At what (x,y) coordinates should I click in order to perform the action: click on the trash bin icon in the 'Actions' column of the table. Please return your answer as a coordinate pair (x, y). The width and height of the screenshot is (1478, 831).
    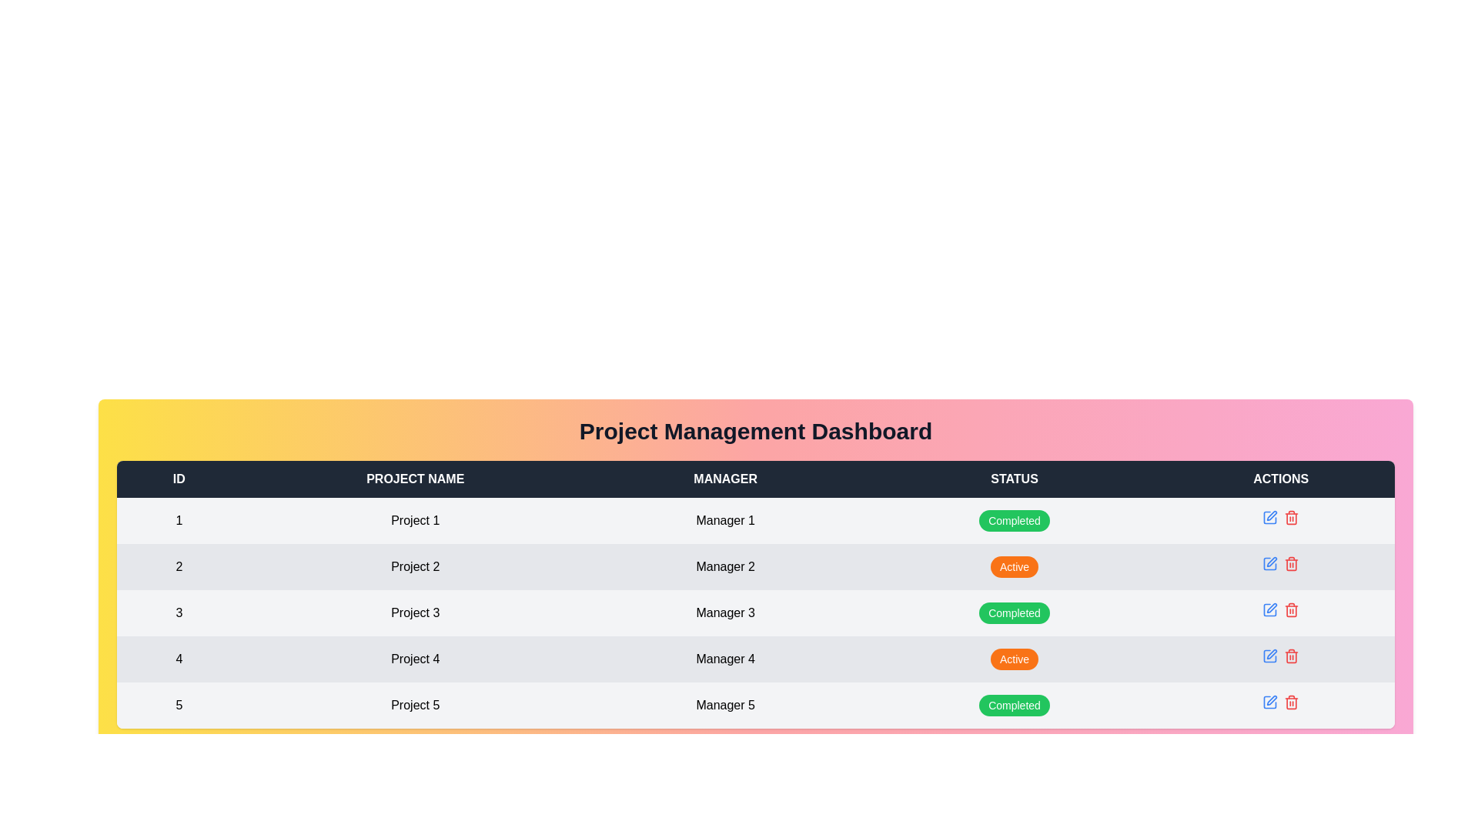
    Looking at the image, I should click on (1292, 519).